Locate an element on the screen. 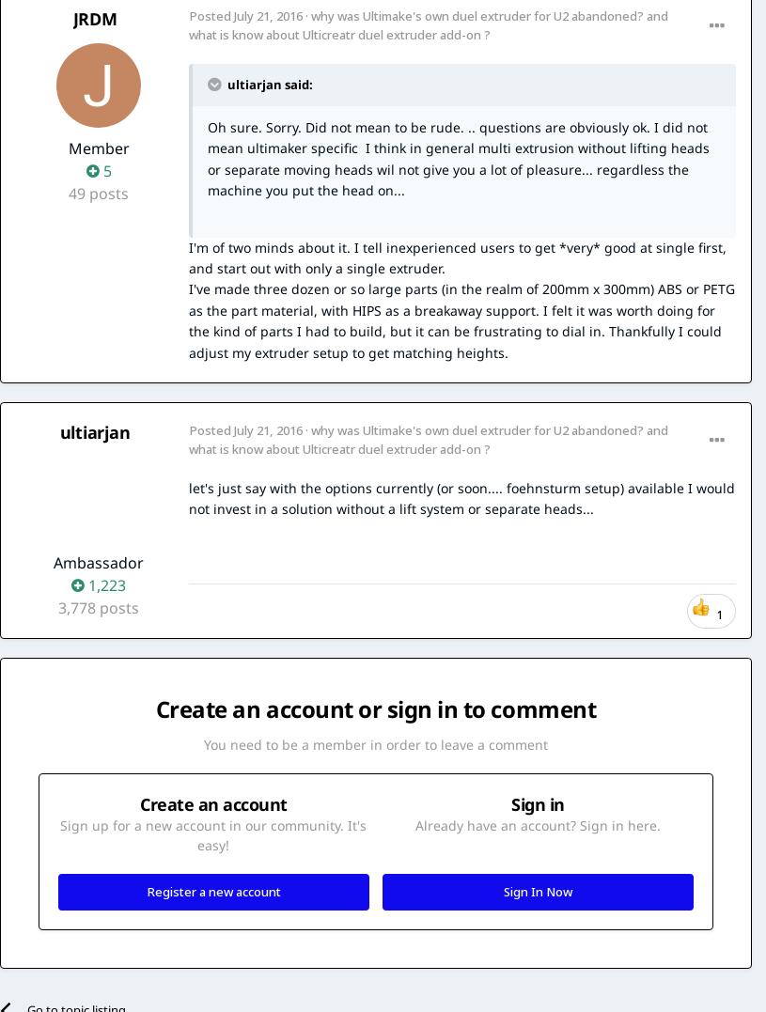 This screenshot has height=1012, width=766. 'Ambassador' is located at coordinates (52, 562).